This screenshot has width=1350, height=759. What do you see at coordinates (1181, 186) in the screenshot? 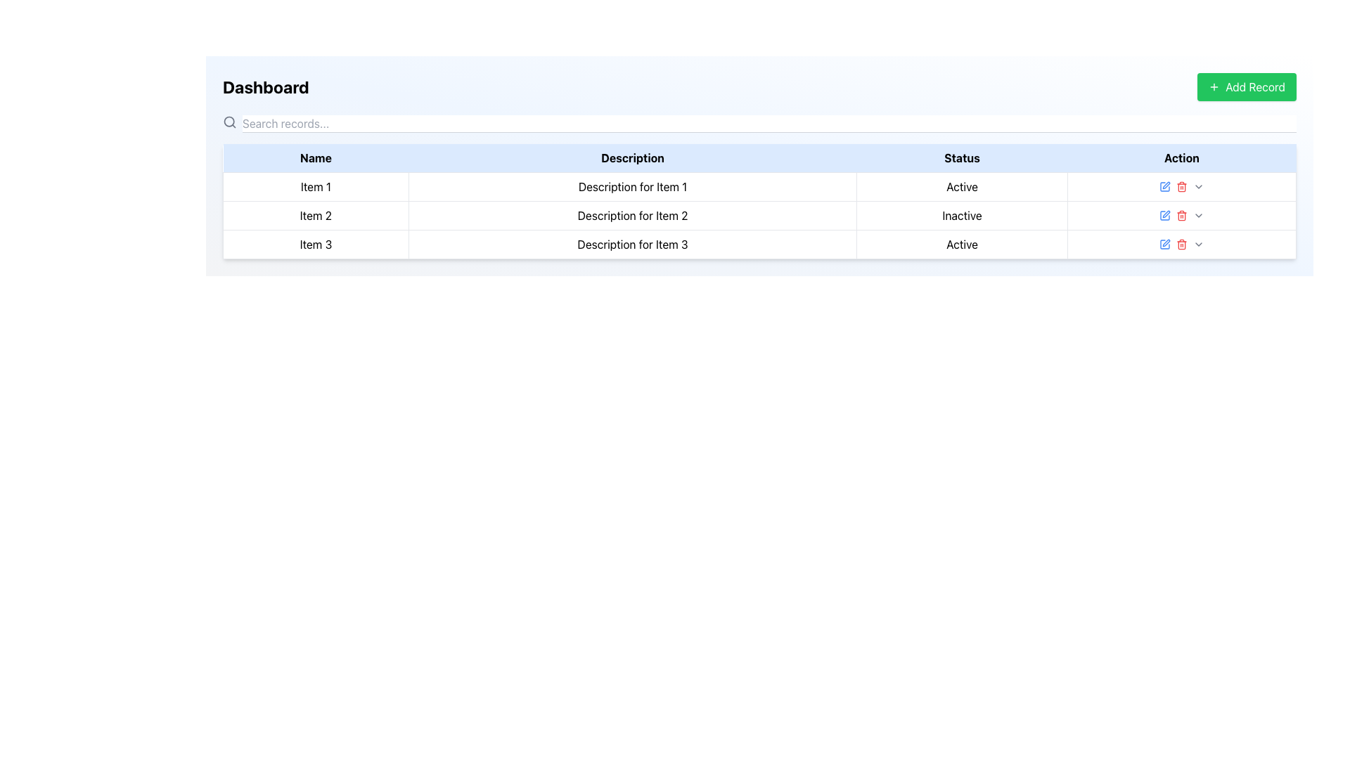
I see `the red-colored trash bin icon located in the 'Action' column of the first row of the table` at bounding box center [1181, 186].